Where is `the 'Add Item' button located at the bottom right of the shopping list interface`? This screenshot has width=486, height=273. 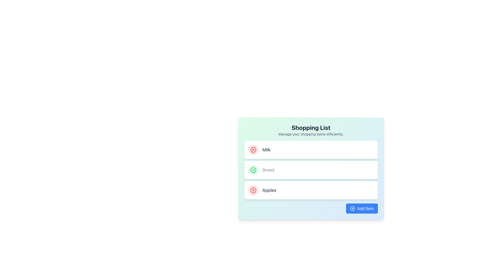
the 'Add Item' button located at the bottom right of the shopping list interface is located at coordinates (361, 209).